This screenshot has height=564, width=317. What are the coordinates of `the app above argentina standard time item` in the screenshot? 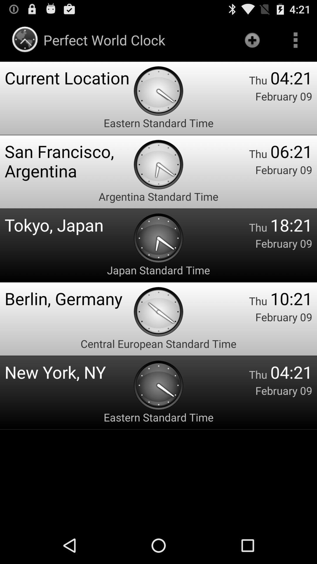 It's located at (69, 161).